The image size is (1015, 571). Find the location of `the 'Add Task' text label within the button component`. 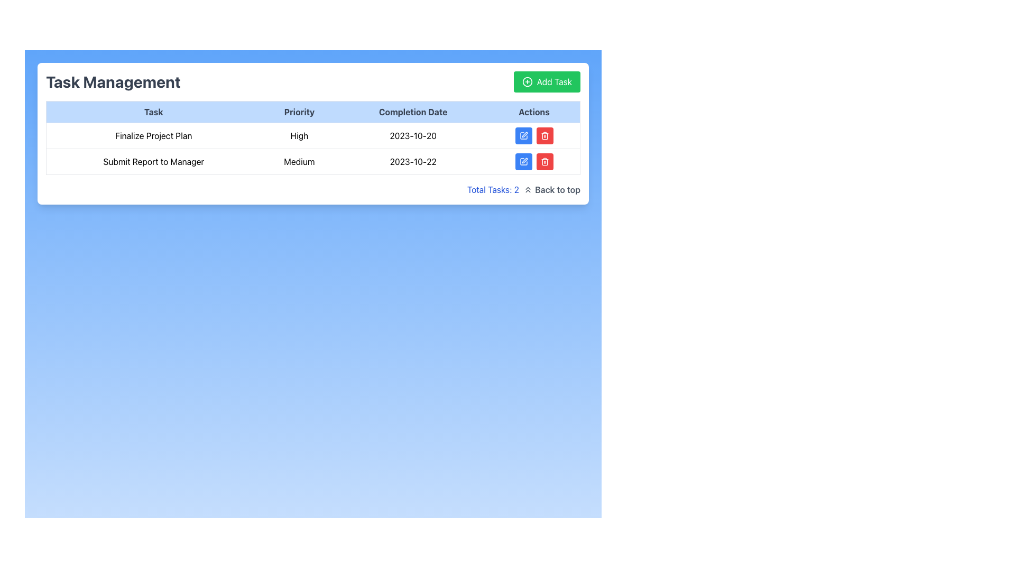

the 'Add Task' text label within the button component is located at coordinates (553, 81).